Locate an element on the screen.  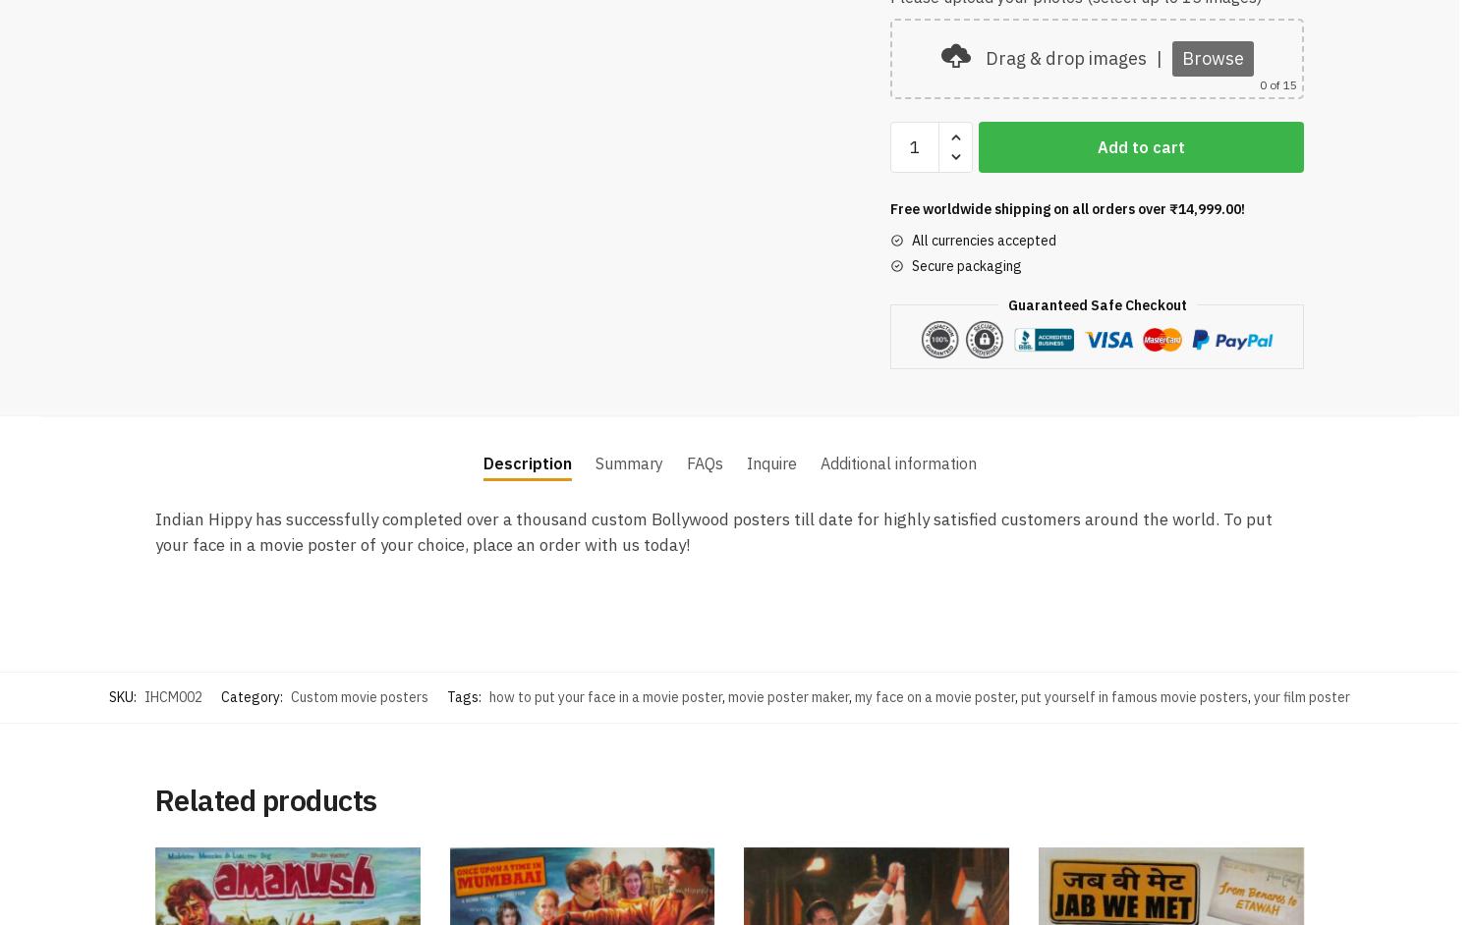
'FAQs' is located at coordinates (703, 458).